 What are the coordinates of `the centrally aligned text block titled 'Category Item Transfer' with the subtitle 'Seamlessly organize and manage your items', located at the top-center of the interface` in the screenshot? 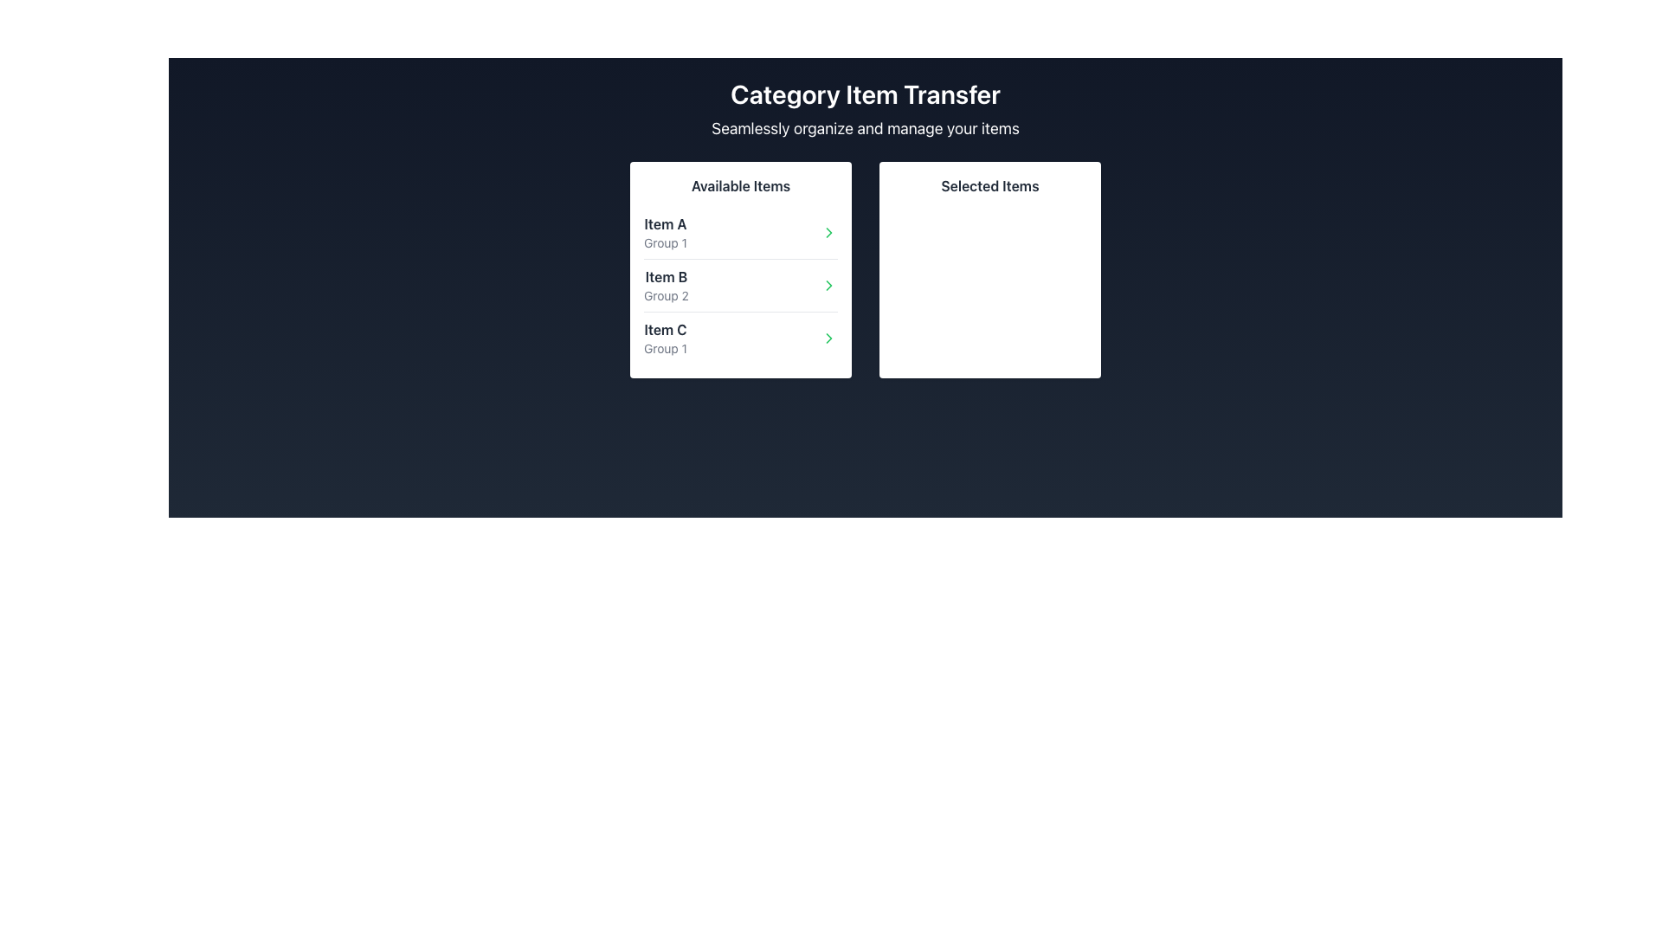 It's located at (865, 110).